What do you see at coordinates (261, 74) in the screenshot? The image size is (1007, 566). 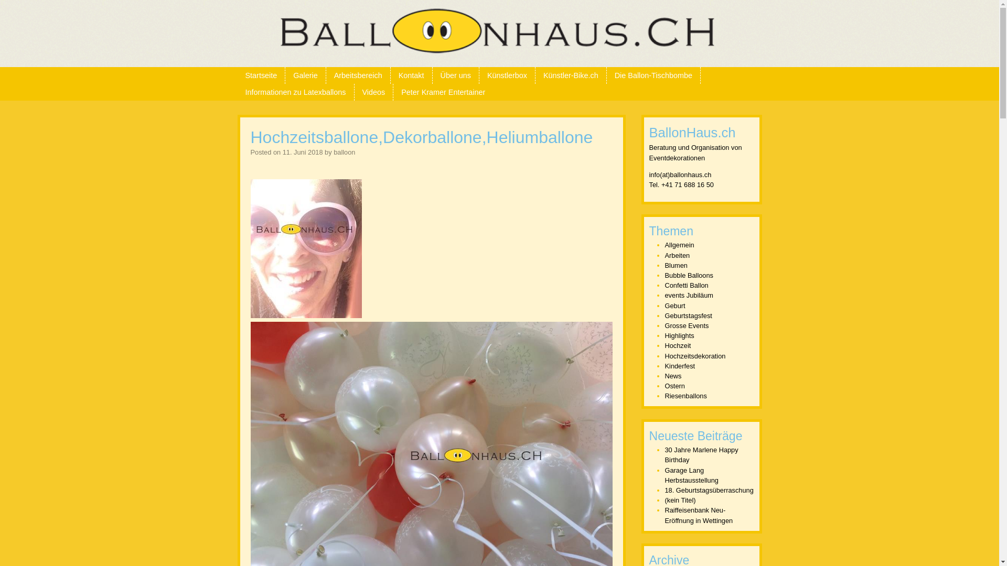 I see `'Startseite'` at bounding box center [261, 74].